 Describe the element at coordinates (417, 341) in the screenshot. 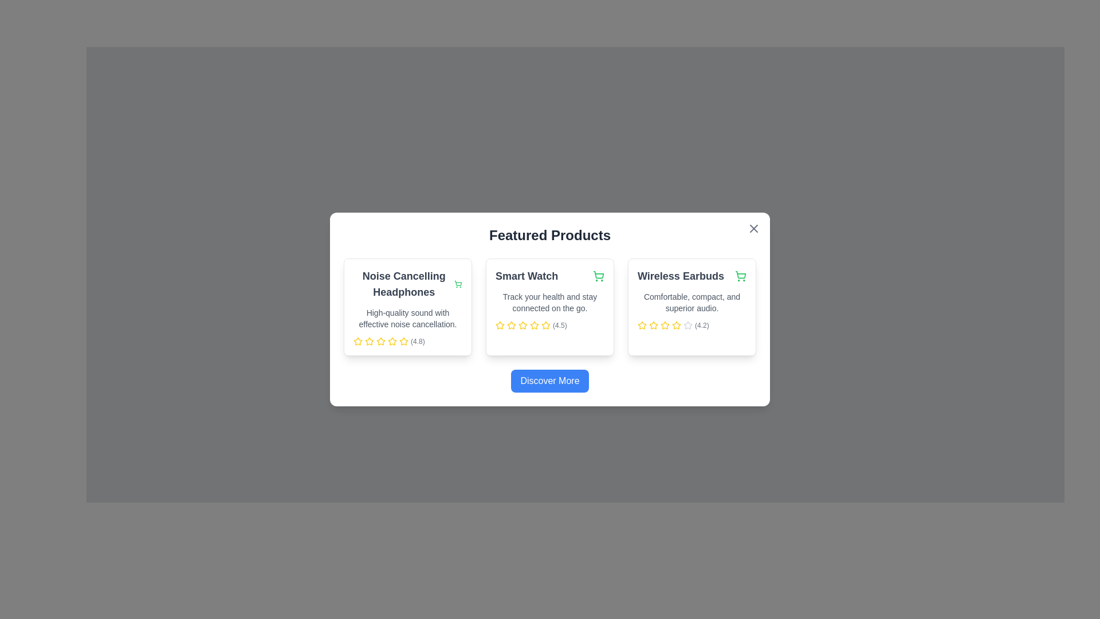

I see `the textual representation of the rating for the 'Noise Cancelling Headphones' product, which is located to the right of the visual star rating within the product showcase card layout` at that location.